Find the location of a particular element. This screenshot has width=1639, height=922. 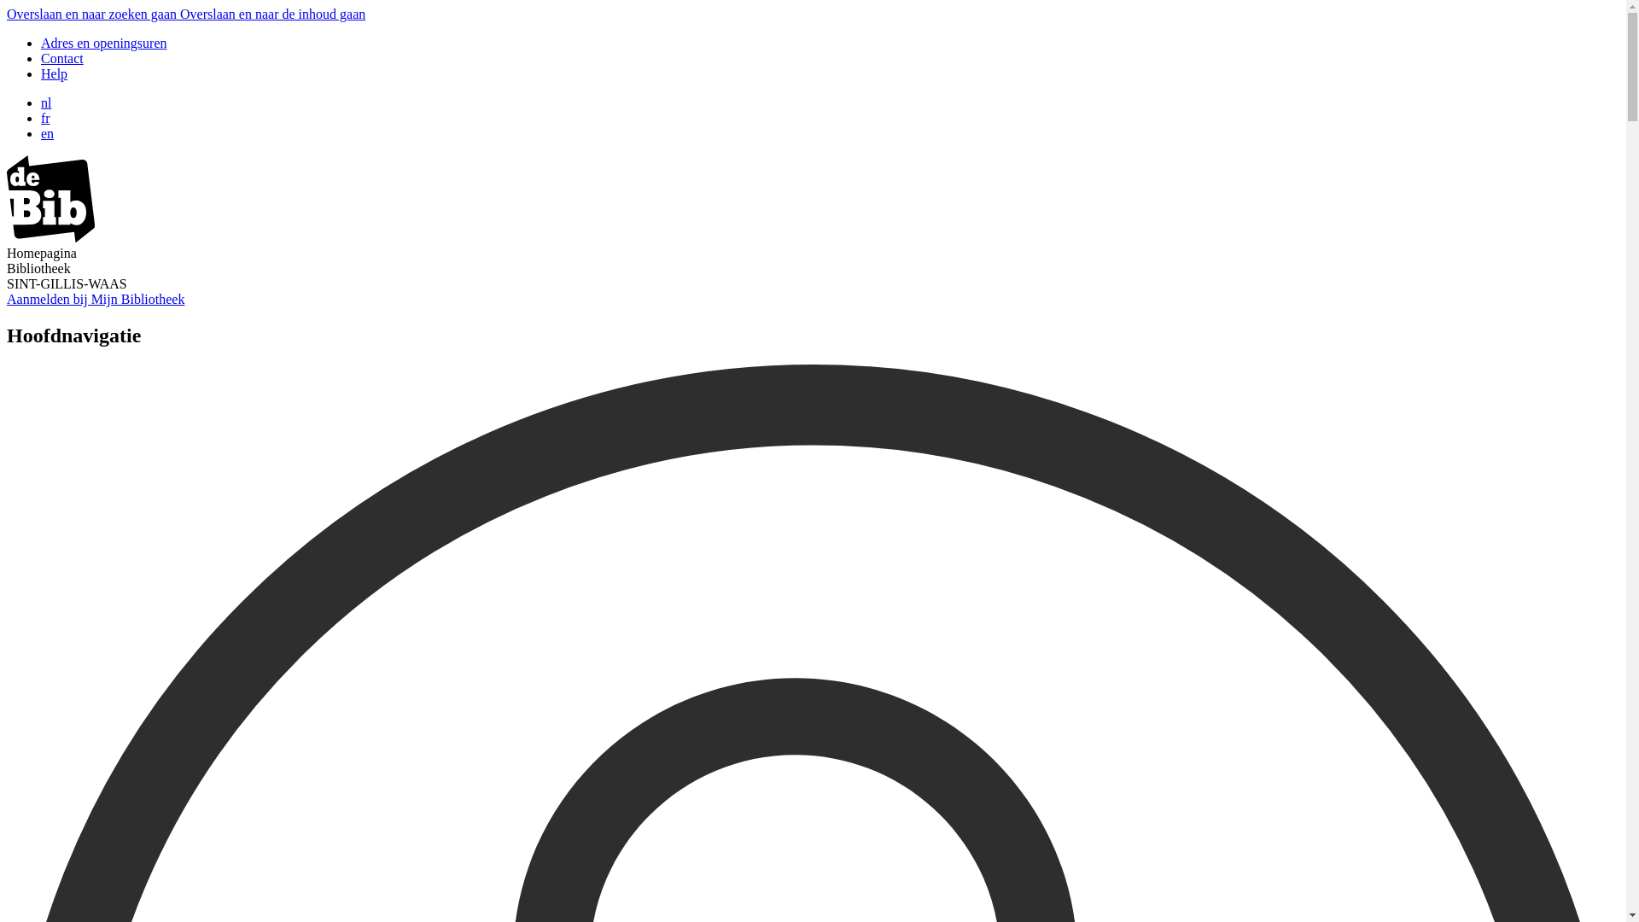

'image/svg+xml' is located at coordinates (7, 237).